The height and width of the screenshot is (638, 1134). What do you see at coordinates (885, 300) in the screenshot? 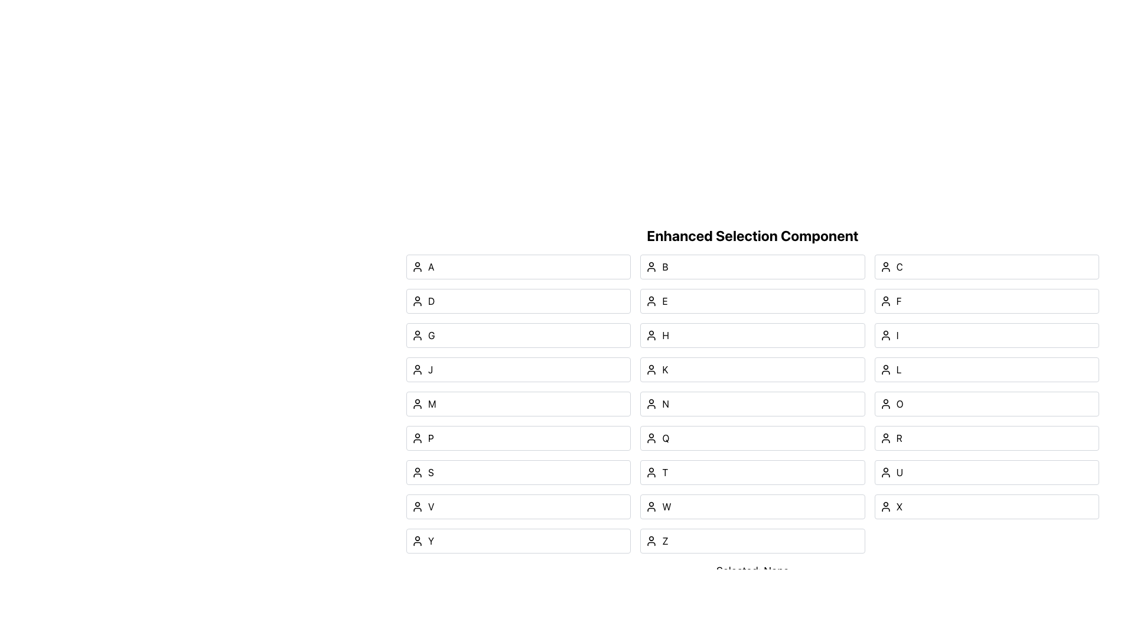
I see `the user or profile symbol icon associated with the 'F' label located in the second row and third column of the Enhanced Selection Component grid` at bounding box center [885, 300].